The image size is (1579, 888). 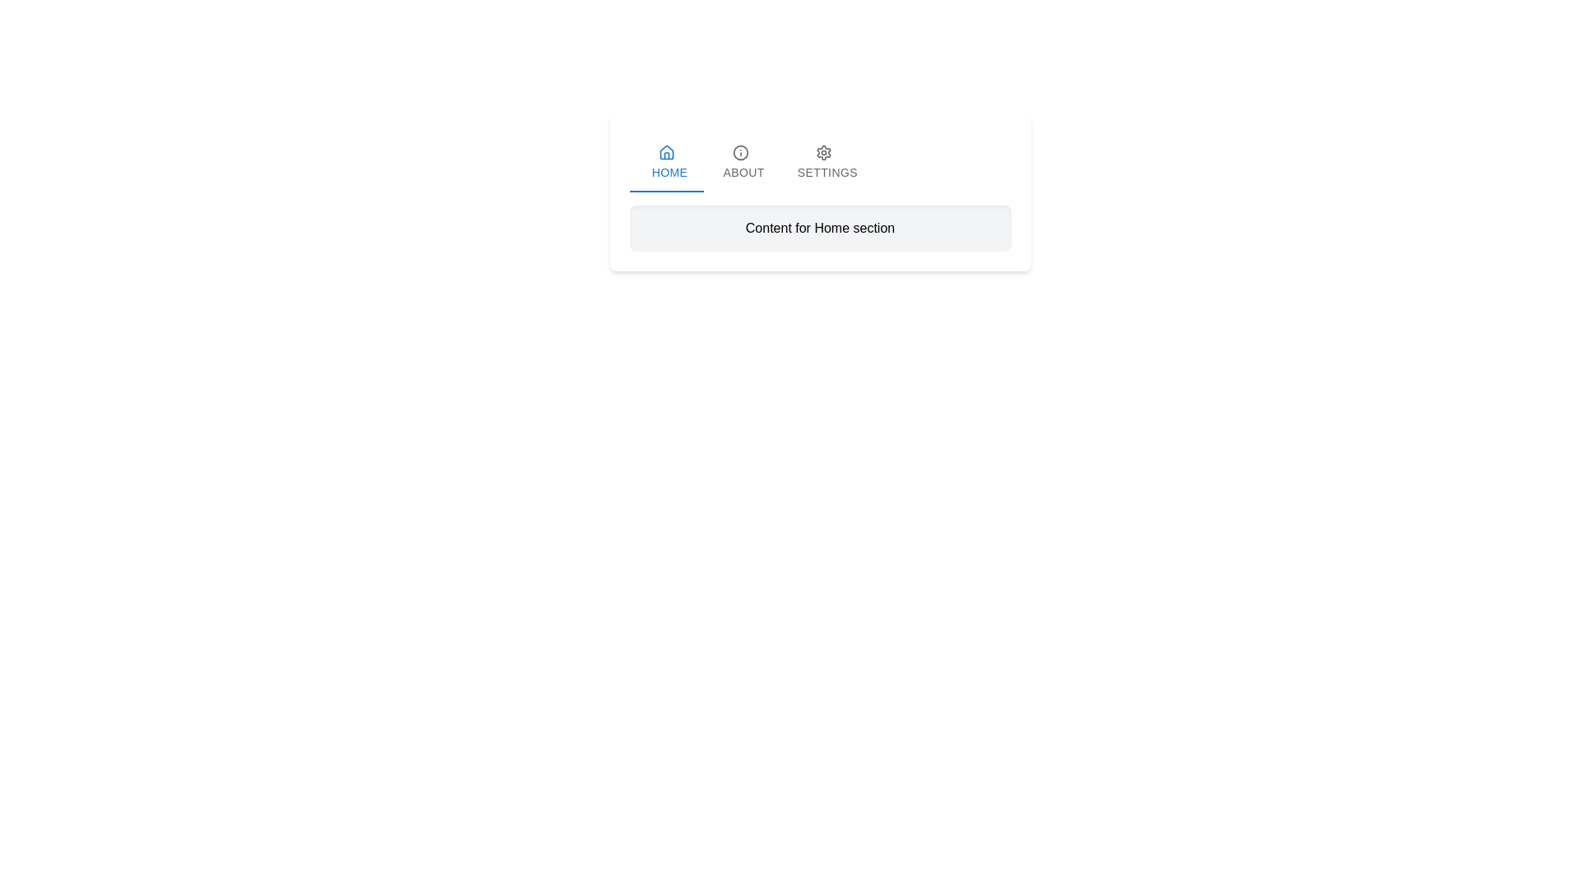 I want to click on the 'SETTINGS' tab button, which is the third tab in a horizontal navigation bar, so click(x=824, y=162).